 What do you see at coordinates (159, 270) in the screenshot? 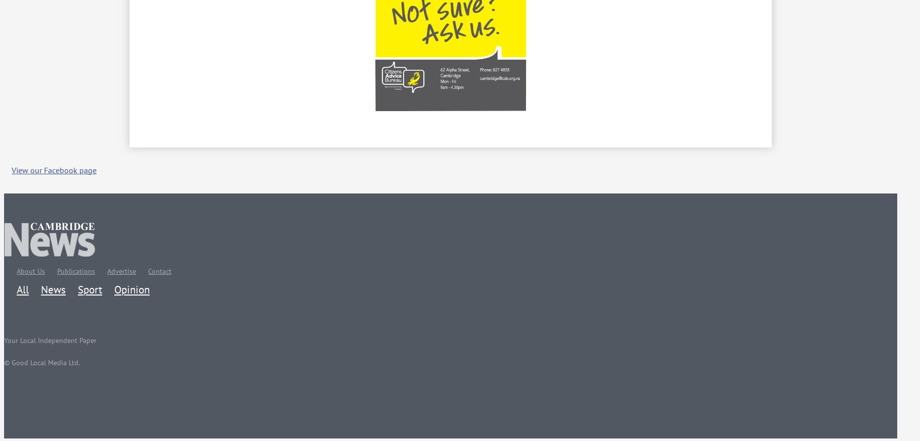
I see `'Contact'` at bounding box center [159, 270].